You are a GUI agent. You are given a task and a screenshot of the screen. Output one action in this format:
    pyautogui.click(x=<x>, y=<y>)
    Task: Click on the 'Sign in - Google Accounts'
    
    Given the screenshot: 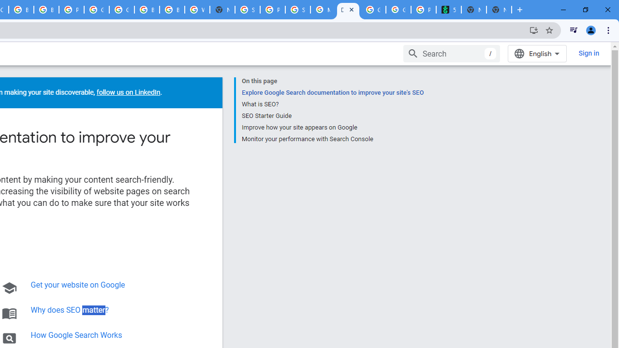 What is the action you would take?
    pyautogui.click(x=248, y=10)
    